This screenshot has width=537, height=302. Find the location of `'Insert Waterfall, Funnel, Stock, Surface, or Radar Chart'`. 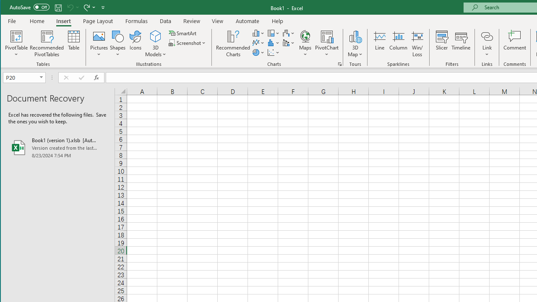

'Insert Waterfall, Funnel, Stock, Surface, or Radar Chart' is located at coordinates (289, 33).